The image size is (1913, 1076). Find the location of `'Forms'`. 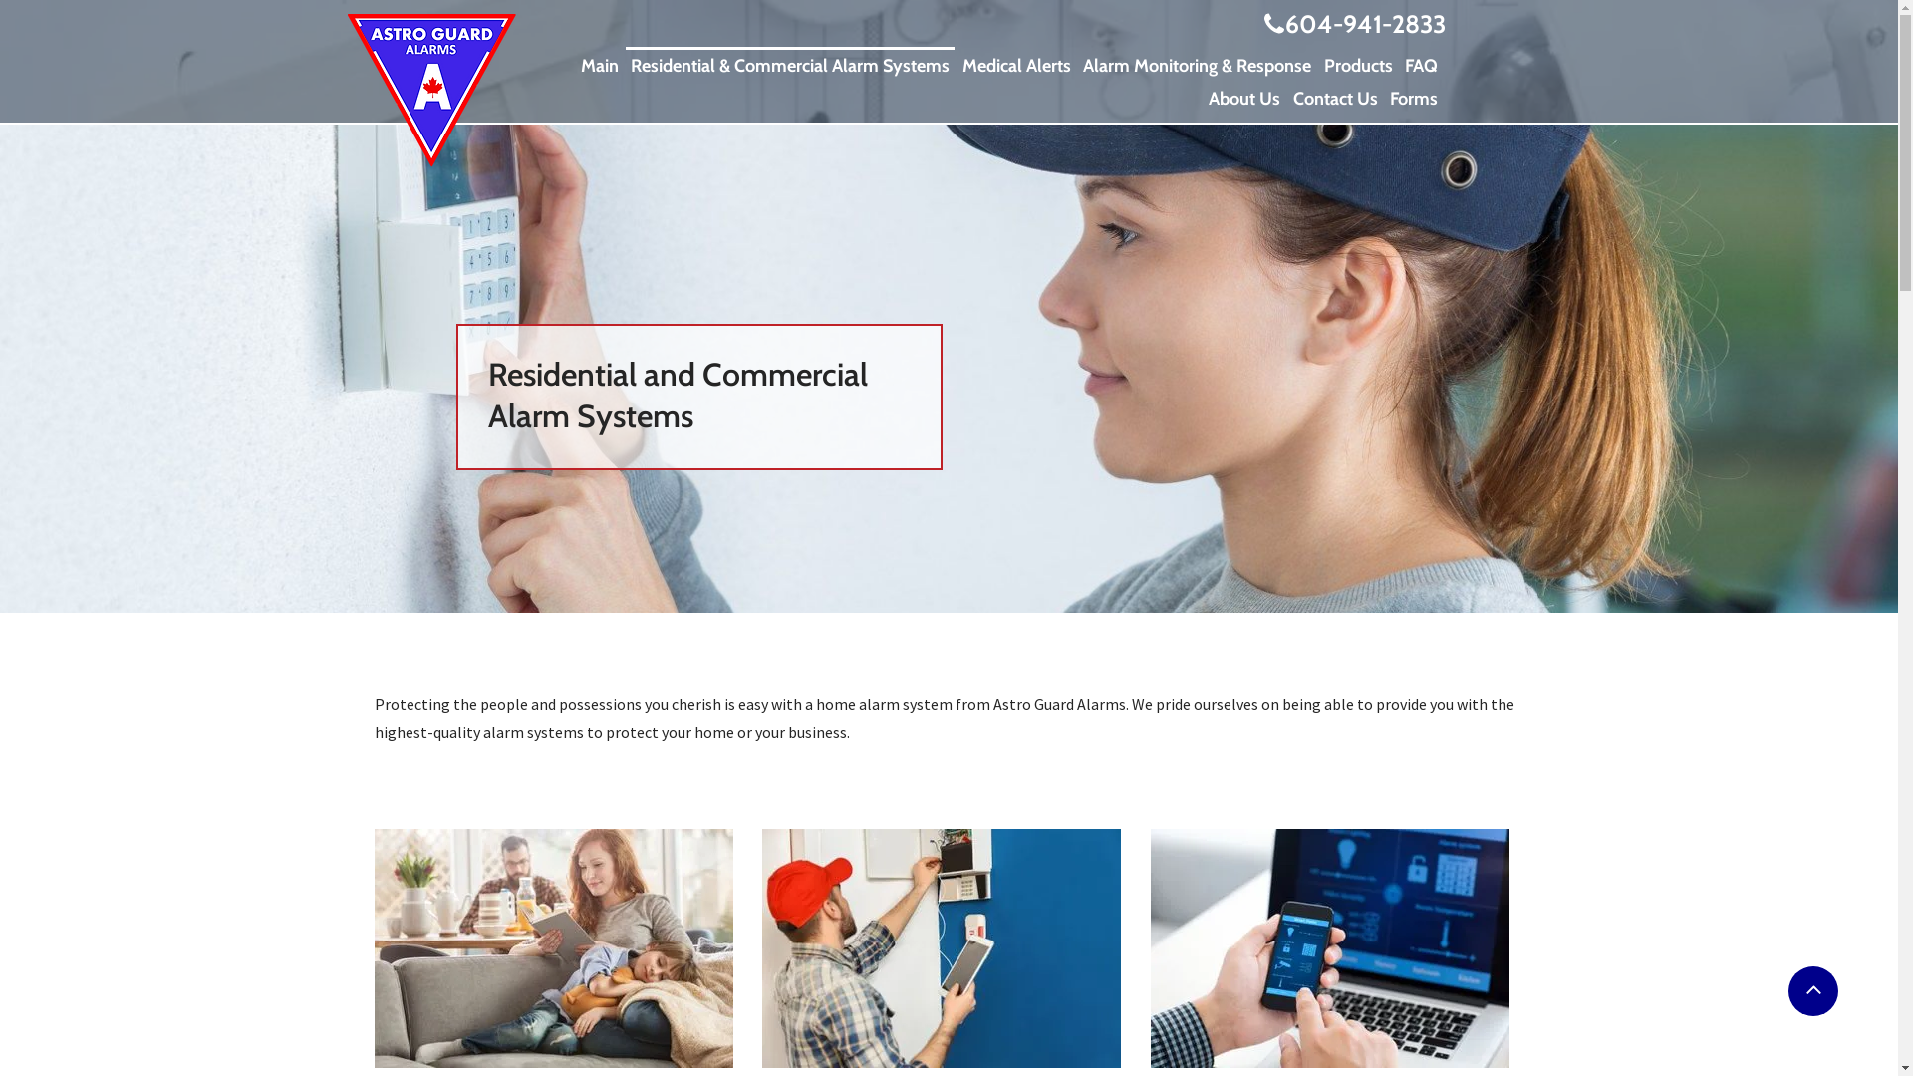

'Forms' is located at coordinates (1384, 96).